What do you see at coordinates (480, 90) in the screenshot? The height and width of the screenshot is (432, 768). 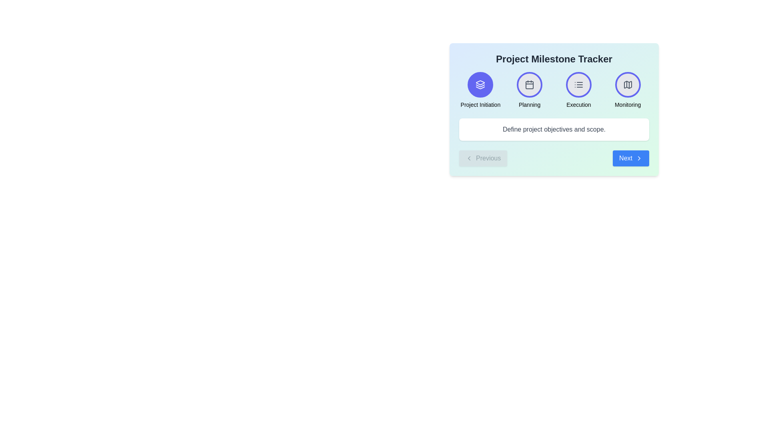 I see `the 'Project Initiation' navigation item, which features a circular icon with an indigo background and white iconography` at bounding box center [480, 90].